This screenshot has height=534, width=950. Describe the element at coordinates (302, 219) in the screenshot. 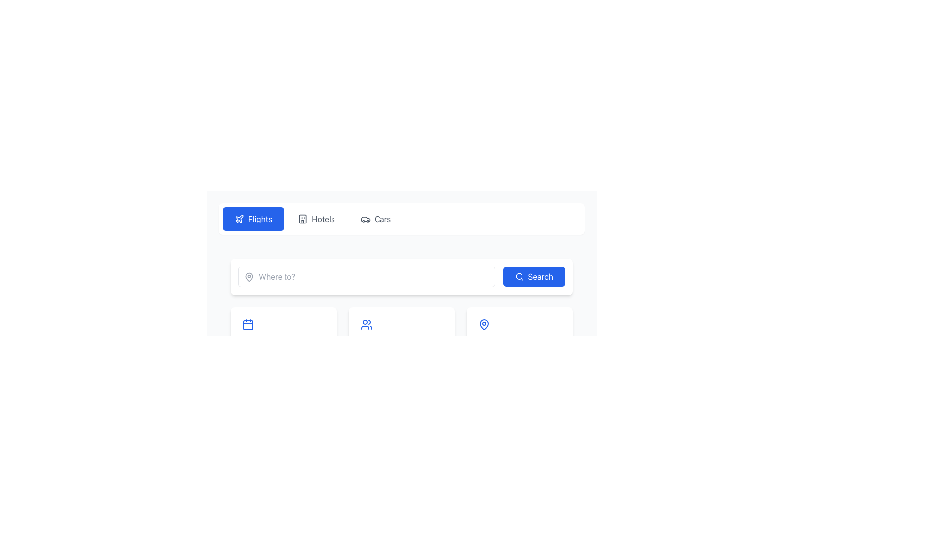

I see `the minimalistic building structure icon located in the 'Hotels' button group within the navigation panel` at that location.